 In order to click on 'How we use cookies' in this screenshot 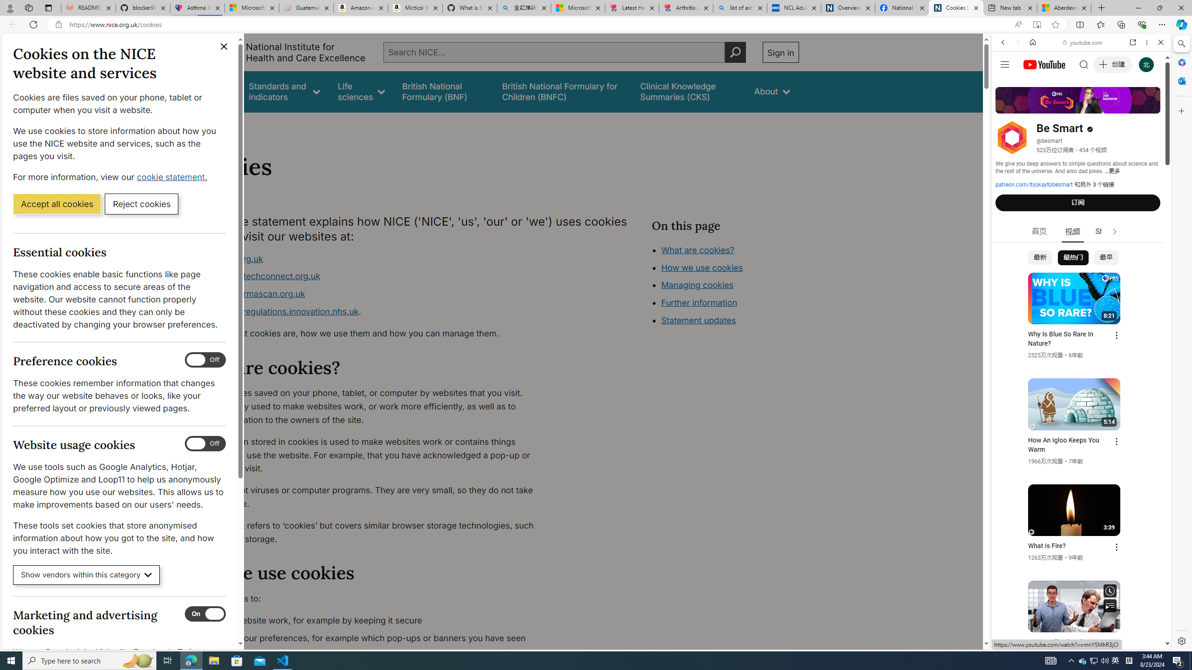, I will do `click(702, 267)`.